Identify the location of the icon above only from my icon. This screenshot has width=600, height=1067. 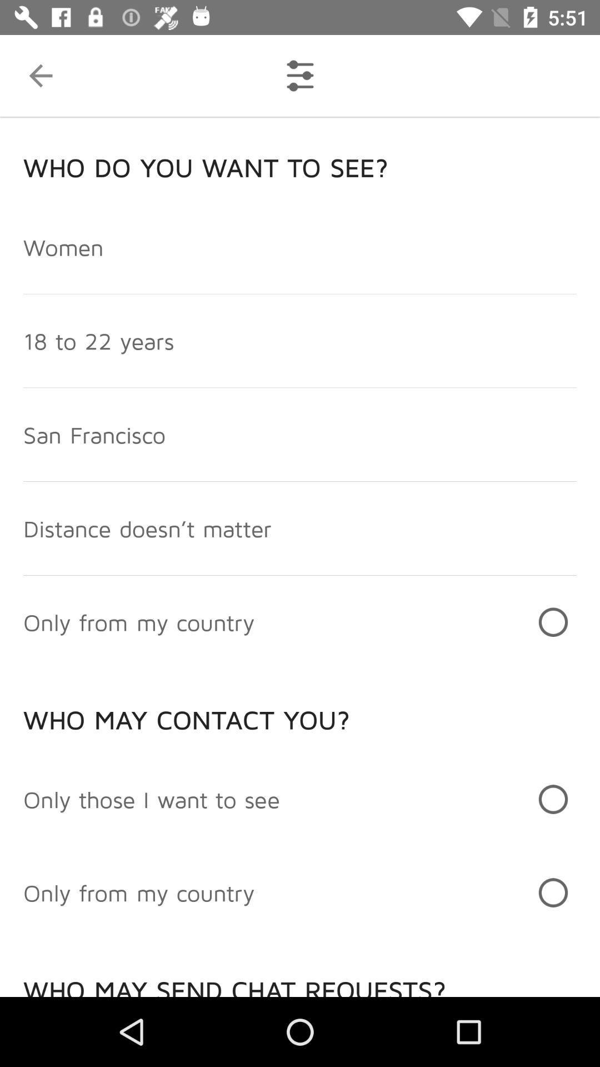
(152, 799).